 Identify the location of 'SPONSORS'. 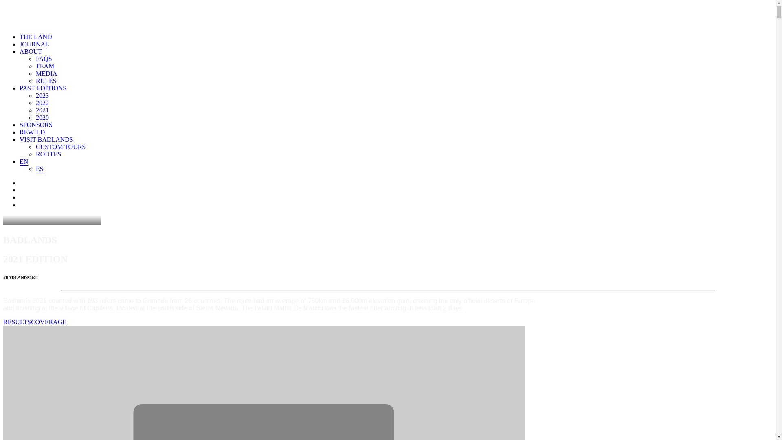
(35, 125).